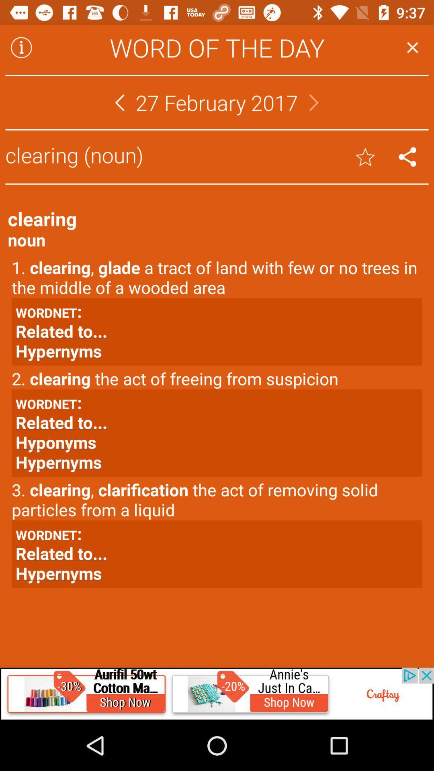 This screenshot has width=434, height=771. Describe the element at coordinates (217, 693) in the screenshot. I see `the picture` at that location.